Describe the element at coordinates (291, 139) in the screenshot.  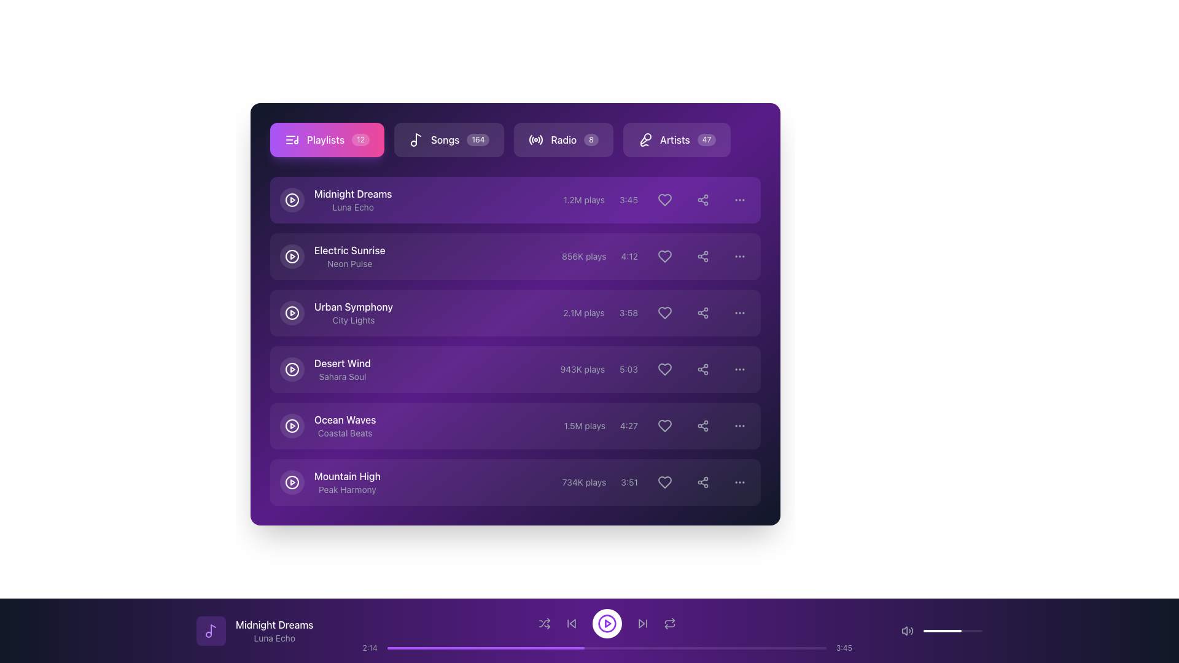
I see `the decorative and identifying icon for the 'Playlists' section located in the top-left corner of the interface, which is positioned to the left of the text 'Playlists'` at that location.